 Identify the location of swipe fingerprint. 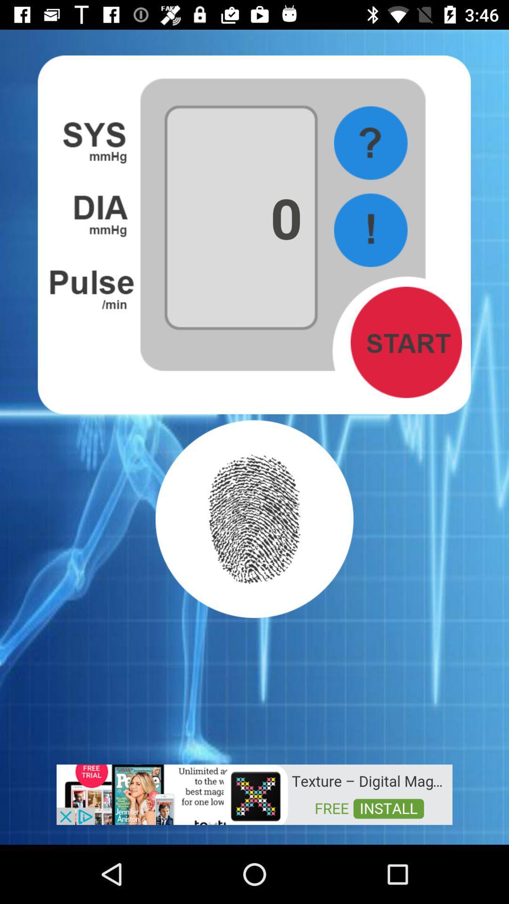
(254, 518).